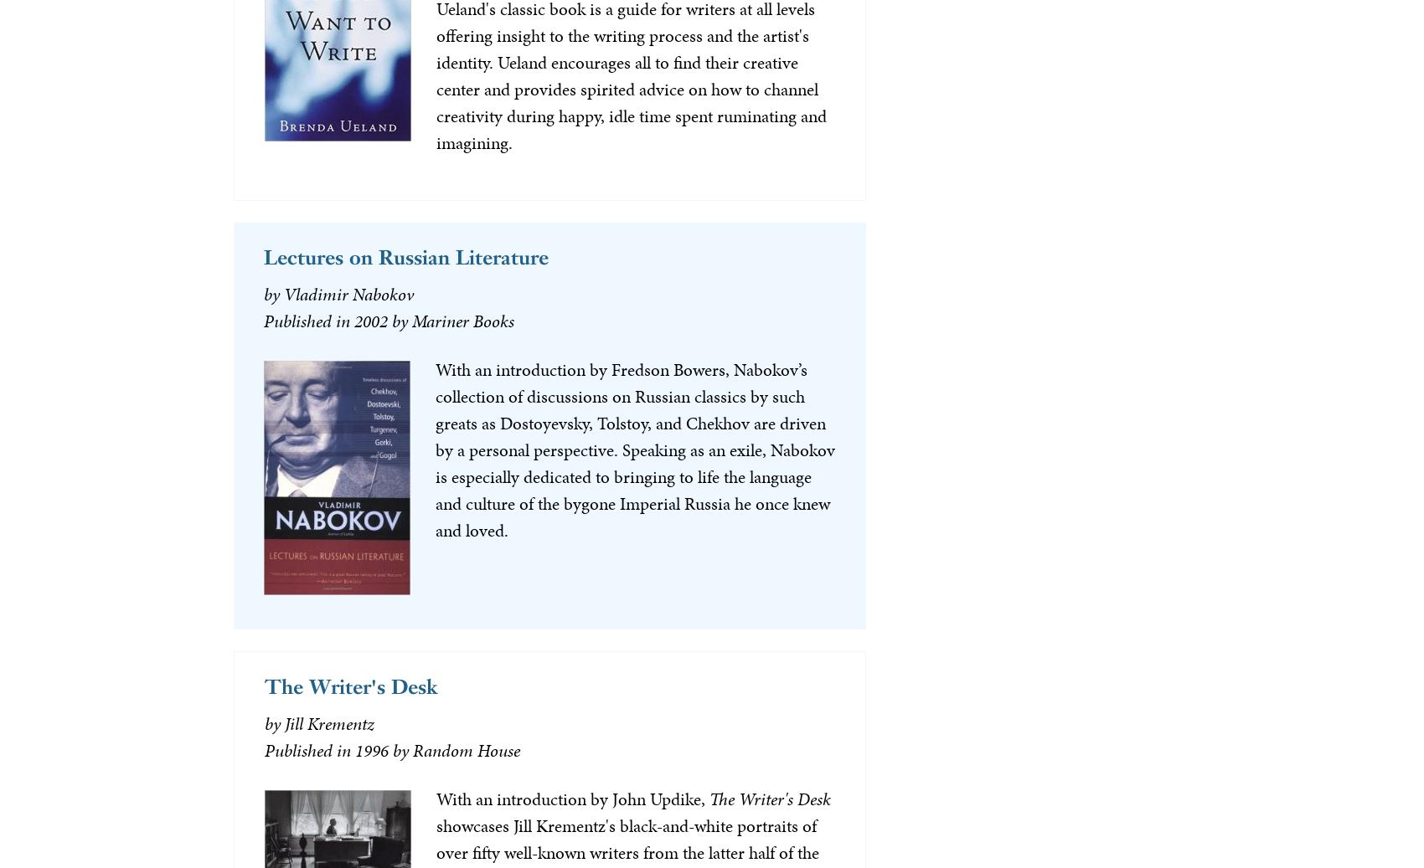  What do you see at coordinates (370, 319) in the screenshot?
I see `'2002'` at bounding box center [370, 319].